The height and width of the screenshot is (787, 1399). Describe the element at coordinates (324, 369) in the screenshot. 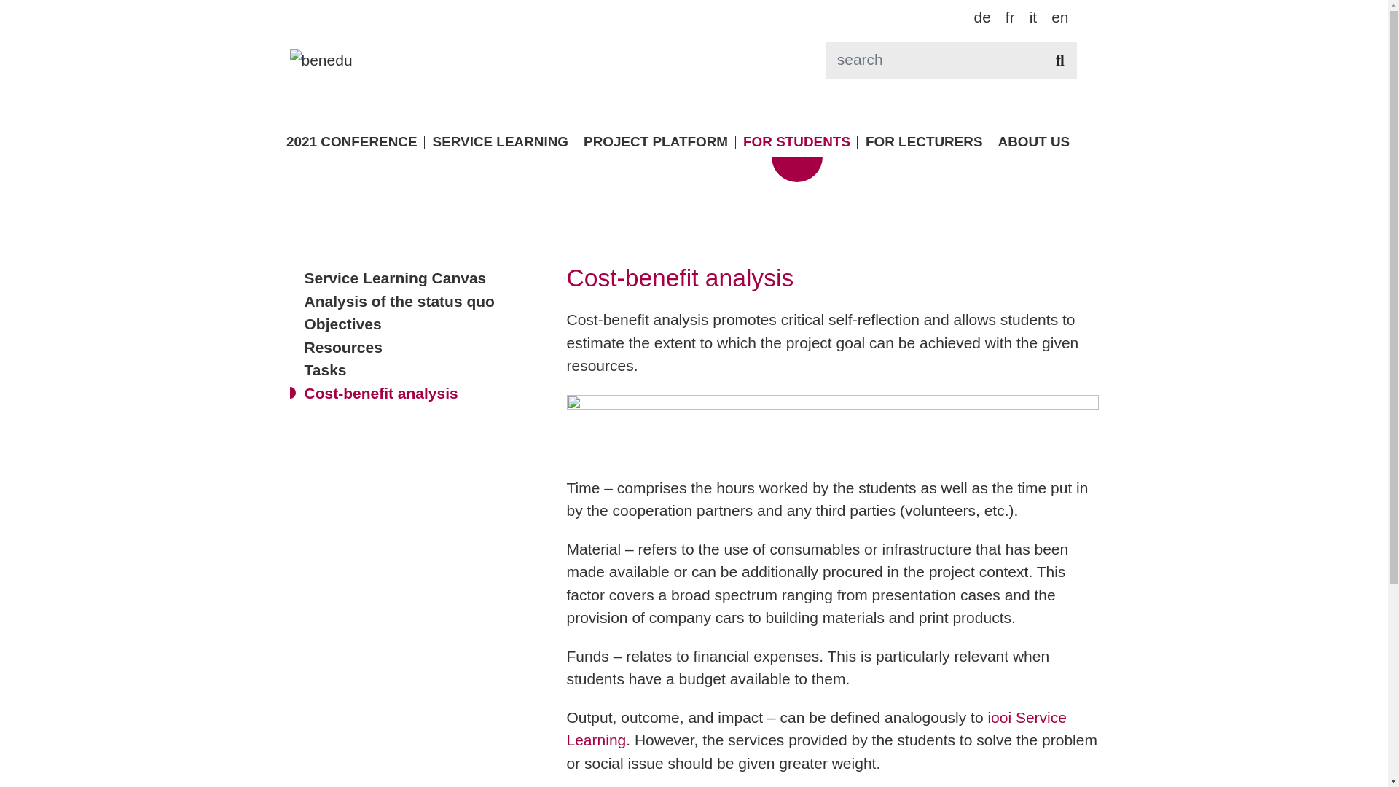

I see `'Tasks'` at that location.